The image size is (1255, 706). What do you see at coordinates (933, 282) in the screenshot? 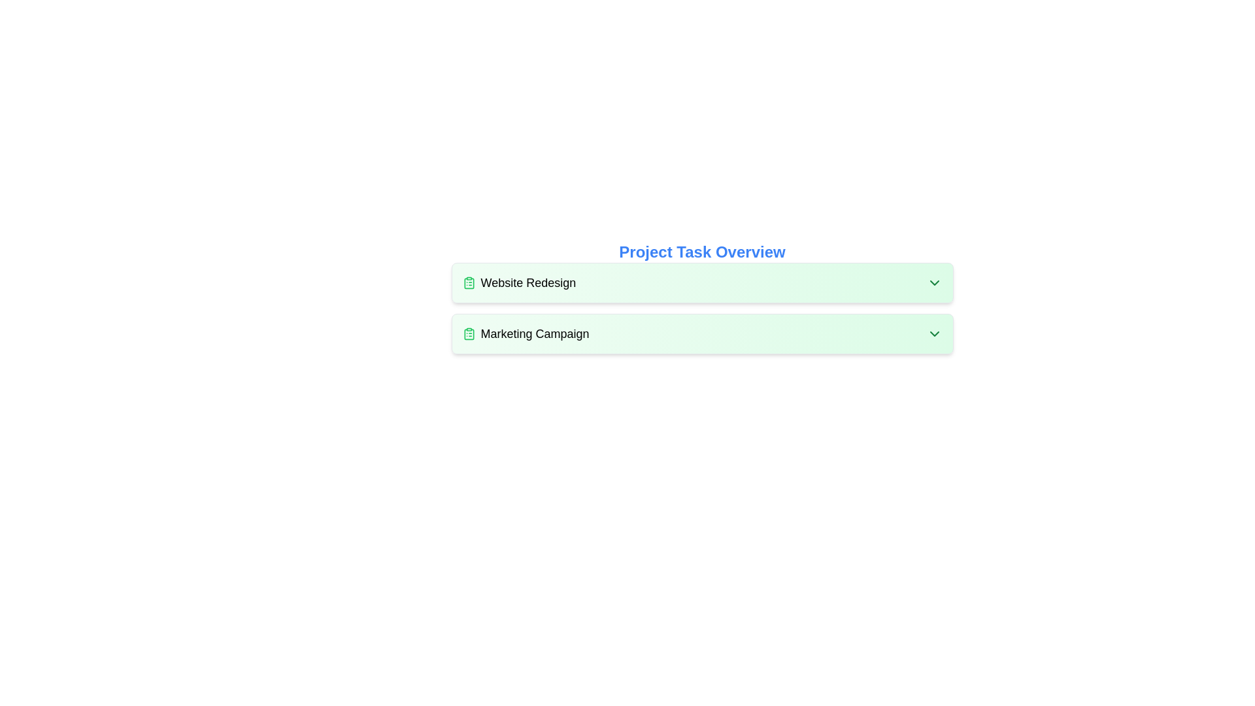
I see `the green downward-pointing chevron icon` at bounding box center [933, 282].